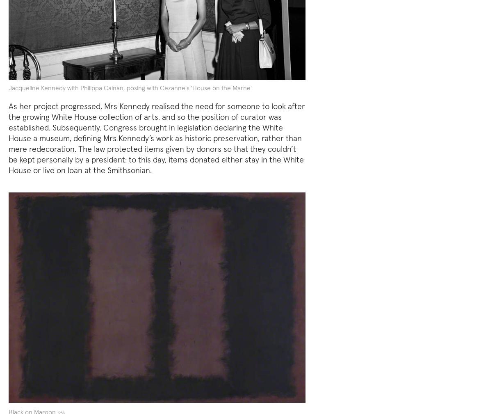  Describe the element at coordinates (194, 337) in the screenshot. I see `'wartime leader himself'` at that location.